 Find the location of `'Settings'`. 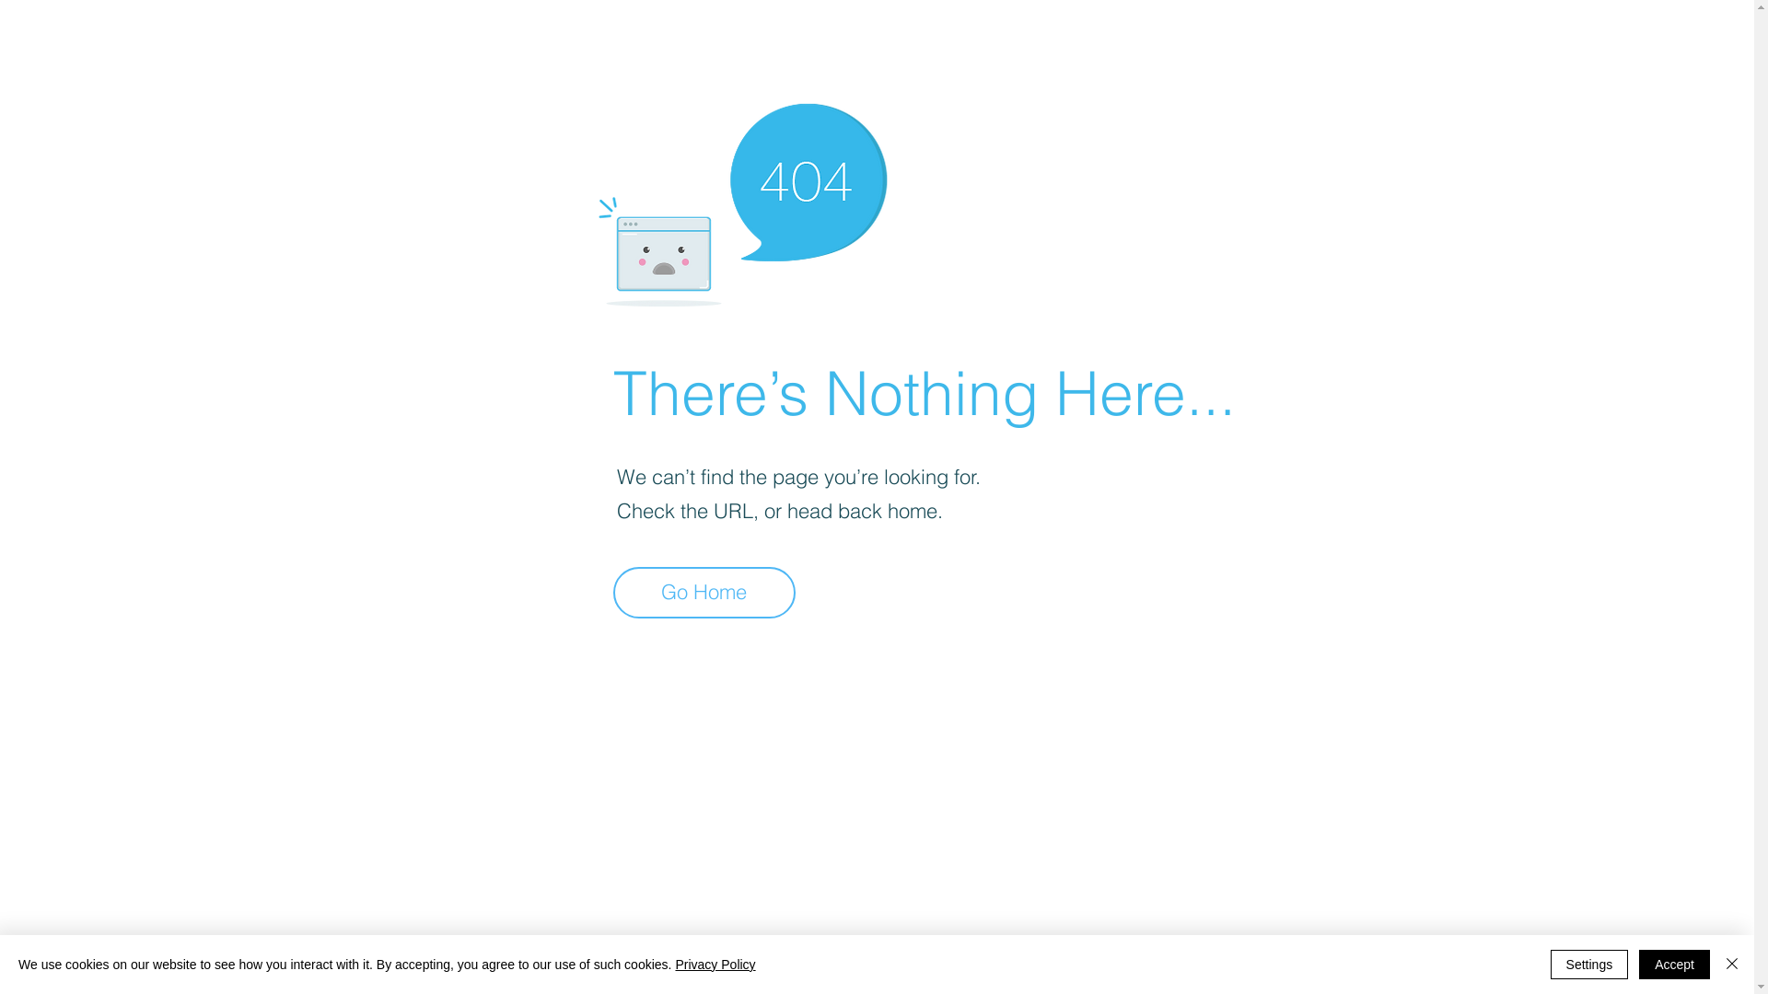

'Settings' is located at coordinates (1550, 964).